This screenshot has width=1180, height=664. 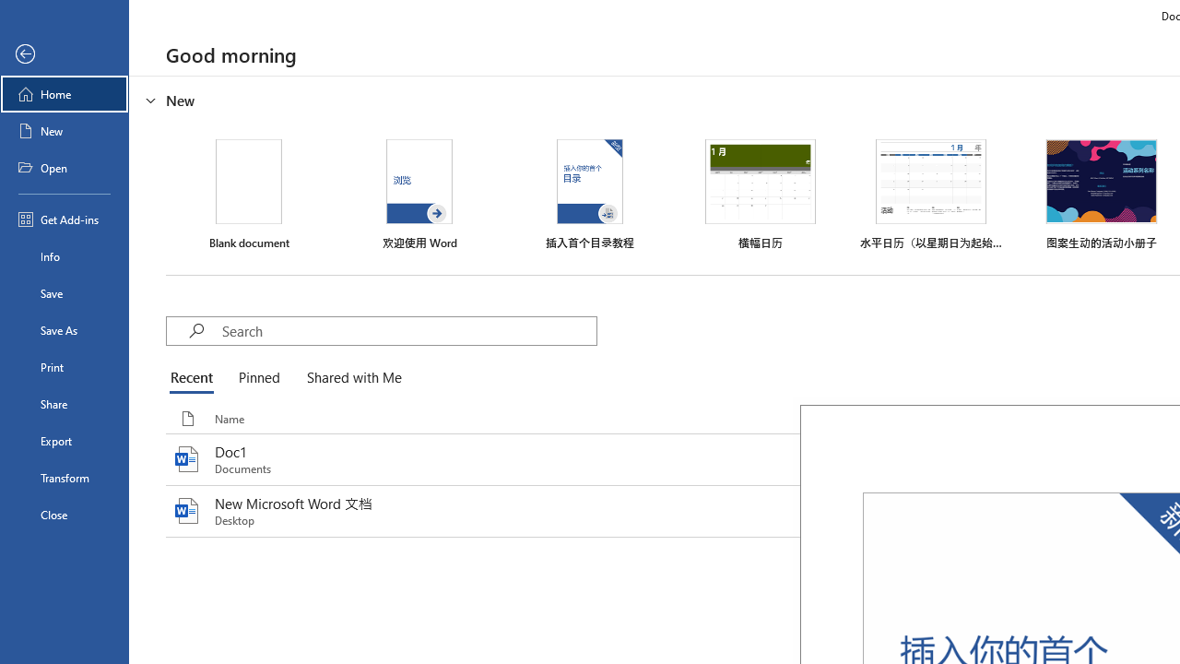 What do you see at coordinates (248, 195) in the screenshot?
I see `'Blank document'` at bounding box center [248, 195].